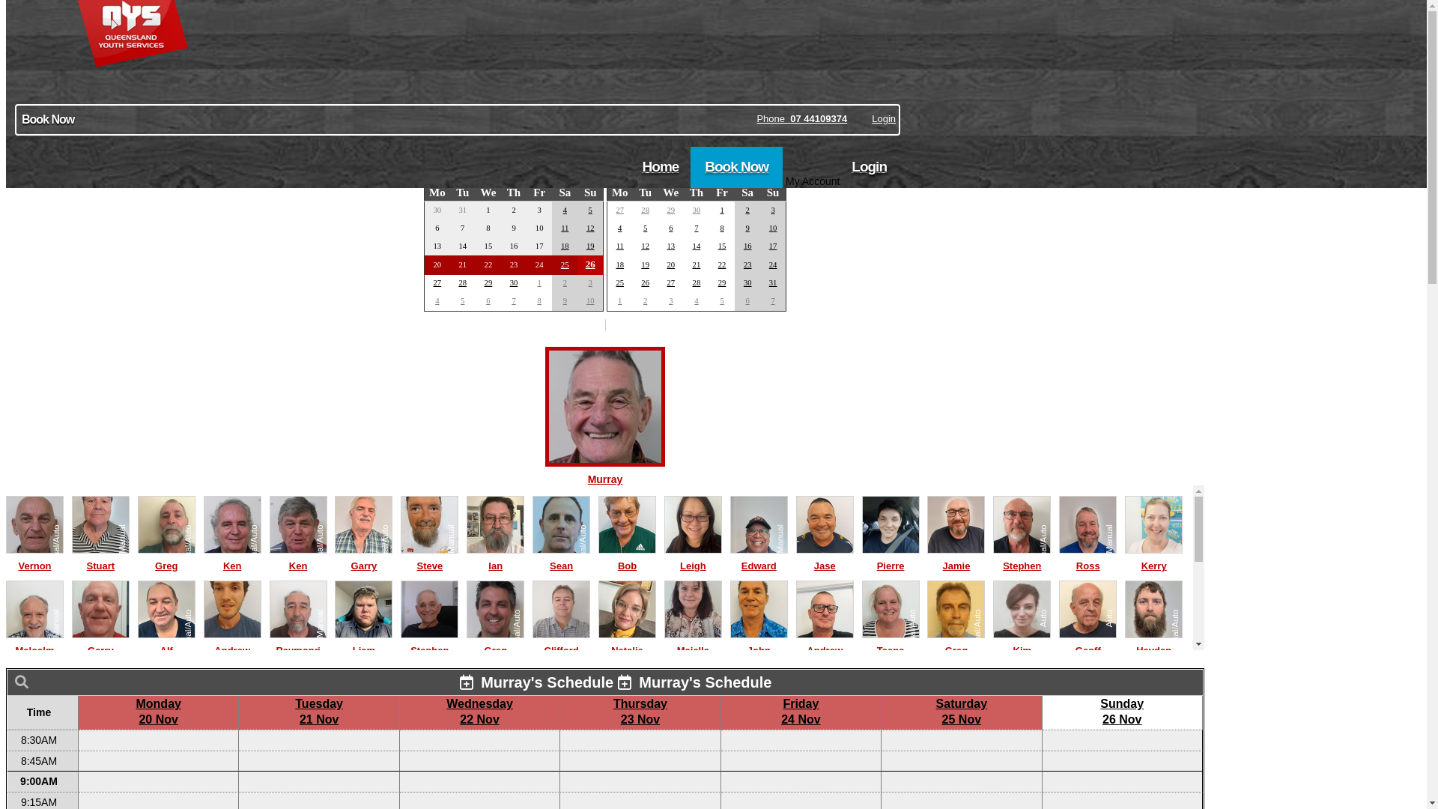 The height and width of the screenshot is (809, 1438). What do you see at coordinates (689, 167) in the screenshot?
I see `'Book Now'` at bounding box center [689, 167].